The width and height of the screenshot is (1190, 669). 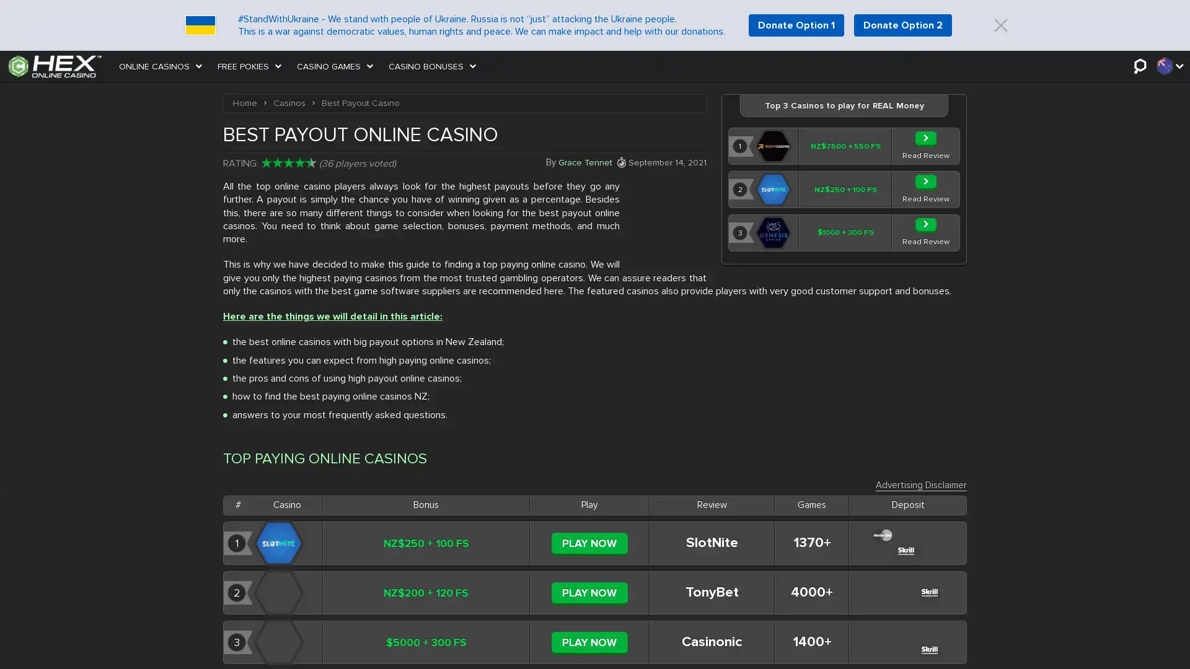 I want to click on PLAY NOW, so click(x=588, y=642).